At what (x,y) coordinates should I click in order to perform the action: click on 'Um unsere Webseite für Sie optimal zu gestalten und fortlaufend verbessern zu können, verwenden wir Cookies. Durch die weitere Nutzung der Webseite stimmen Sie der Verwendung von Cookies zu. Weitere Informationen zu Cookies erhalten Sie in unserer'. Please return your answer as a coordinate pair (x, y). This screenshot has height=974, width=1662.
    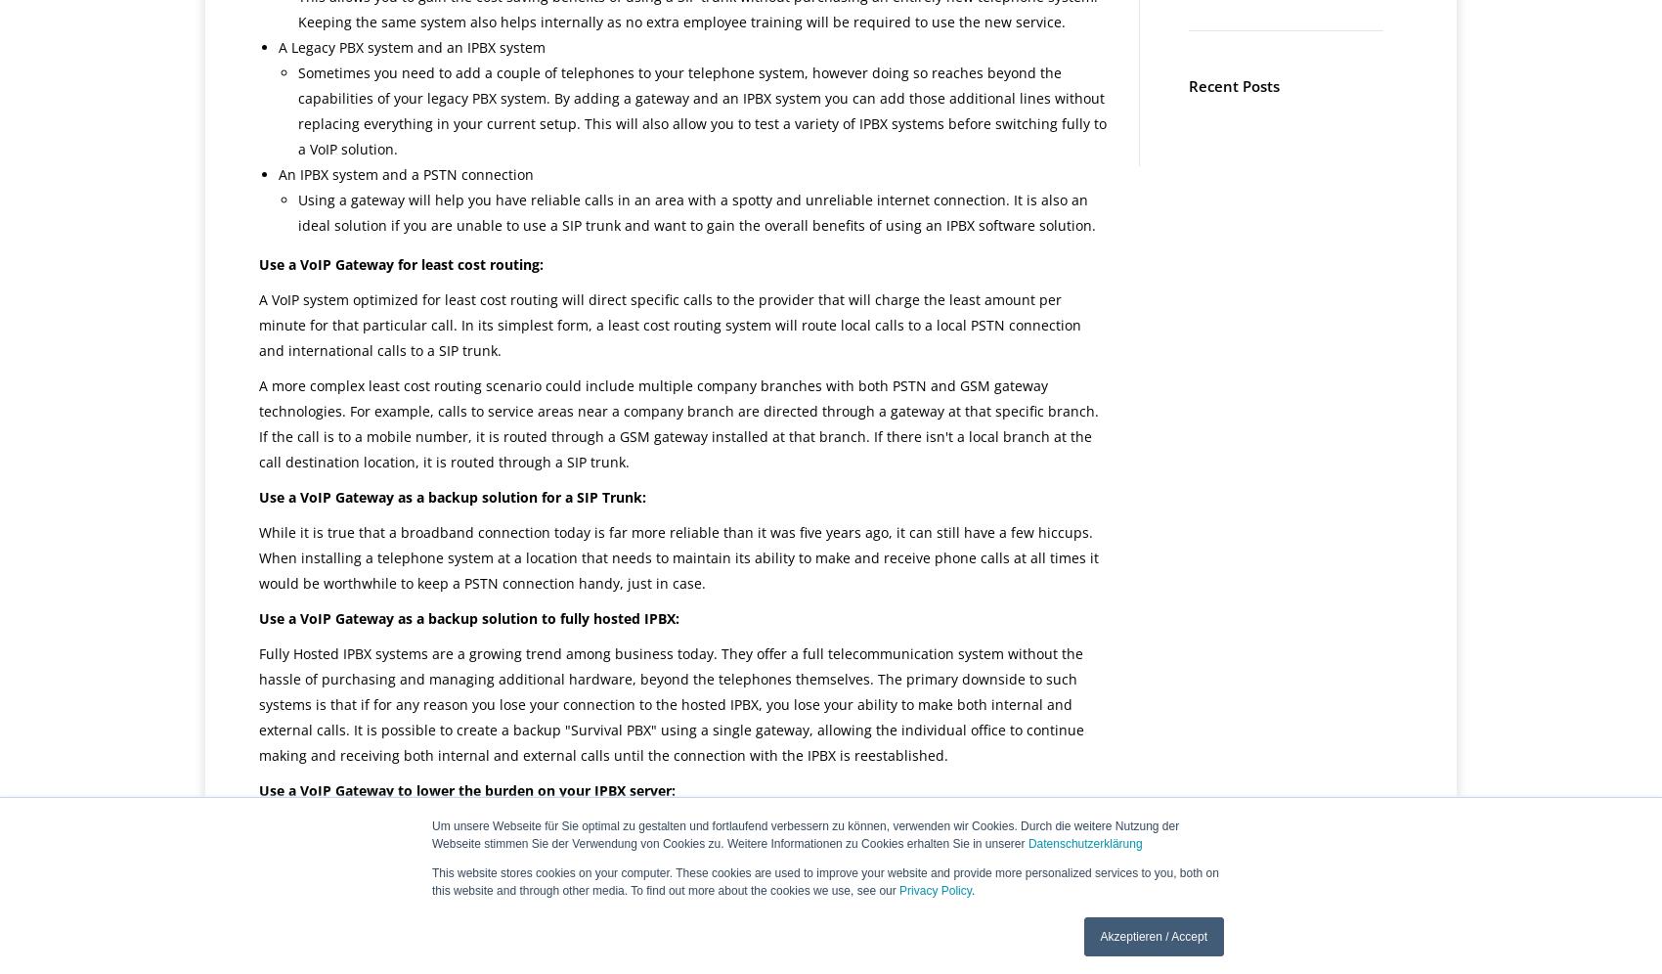
    Looking at the image, I should click on (804, 834).